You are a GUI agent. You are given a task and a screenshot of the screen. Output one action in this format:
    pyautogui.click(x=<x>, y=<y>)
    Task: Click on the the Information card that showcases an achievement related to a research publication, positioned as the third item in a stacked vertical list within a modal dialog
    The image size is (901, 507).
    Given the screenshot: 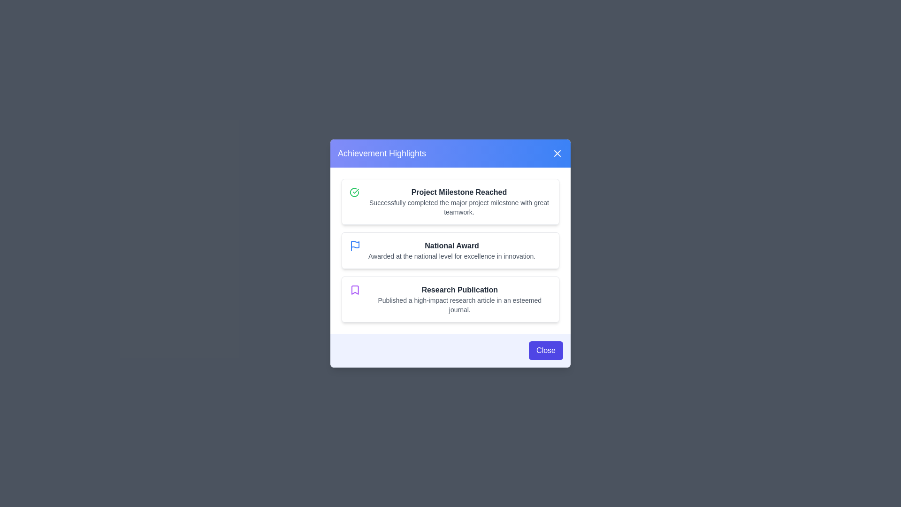 What is the action you would take?
    pyautogui.click(x=450, y=299)
    